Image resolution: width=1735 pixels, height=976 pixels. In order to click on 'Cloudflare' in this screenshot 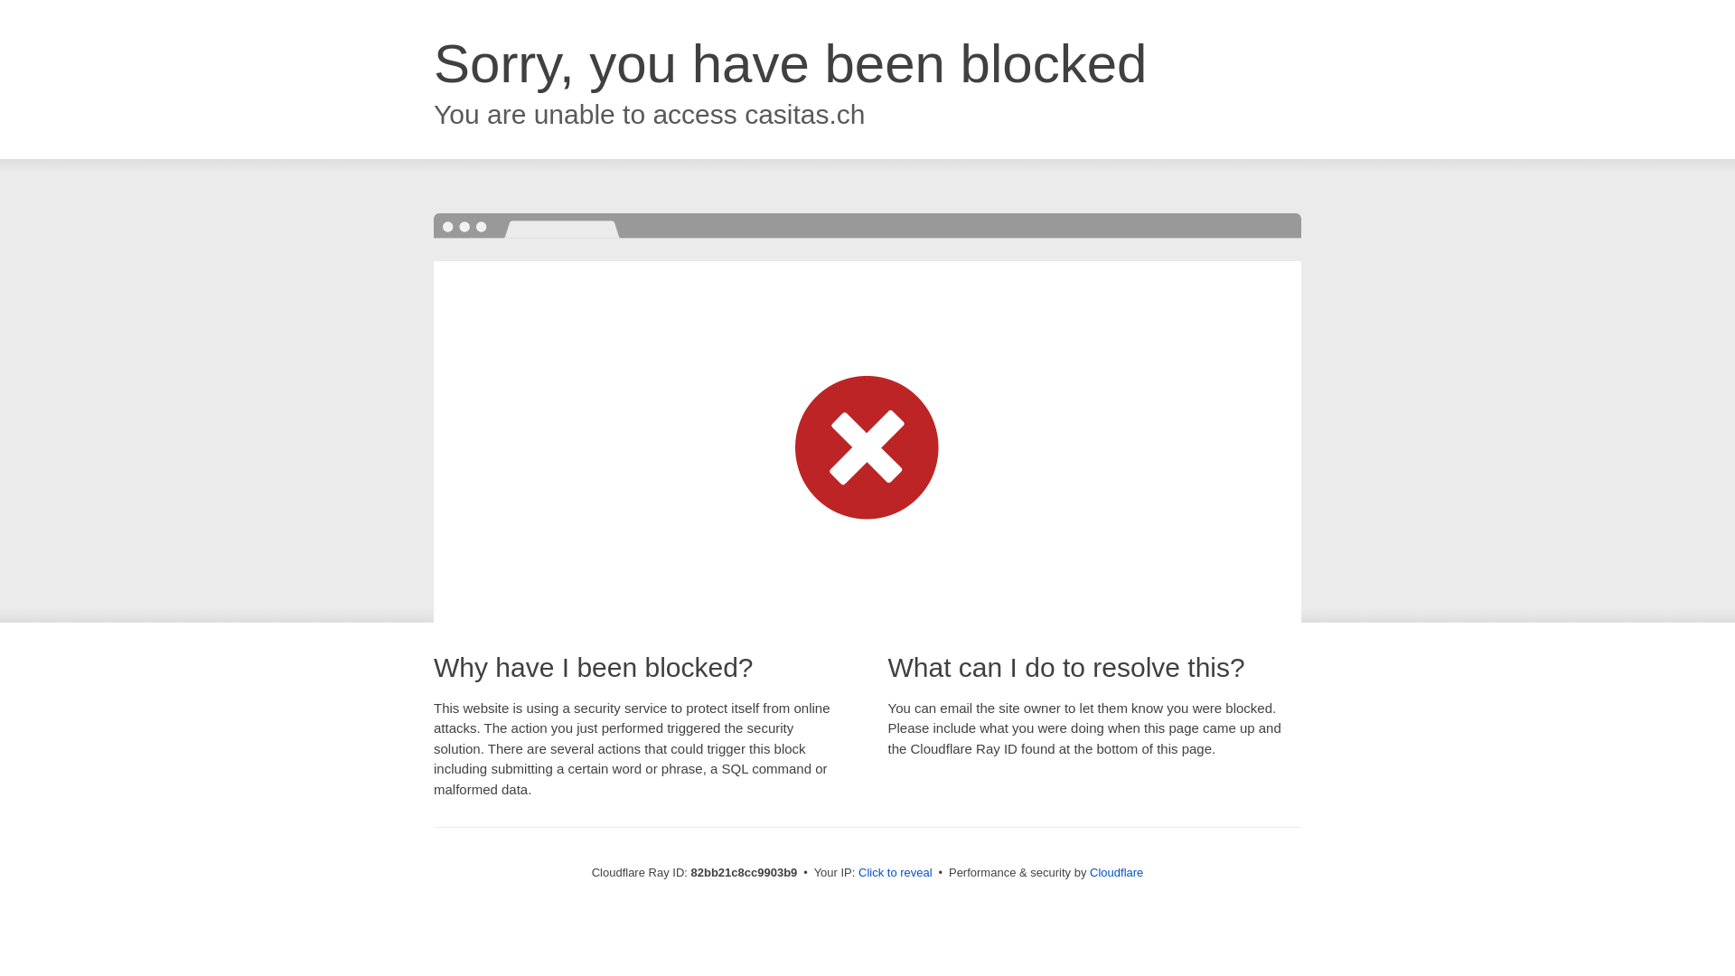, I will do `click(1115, 871)`.